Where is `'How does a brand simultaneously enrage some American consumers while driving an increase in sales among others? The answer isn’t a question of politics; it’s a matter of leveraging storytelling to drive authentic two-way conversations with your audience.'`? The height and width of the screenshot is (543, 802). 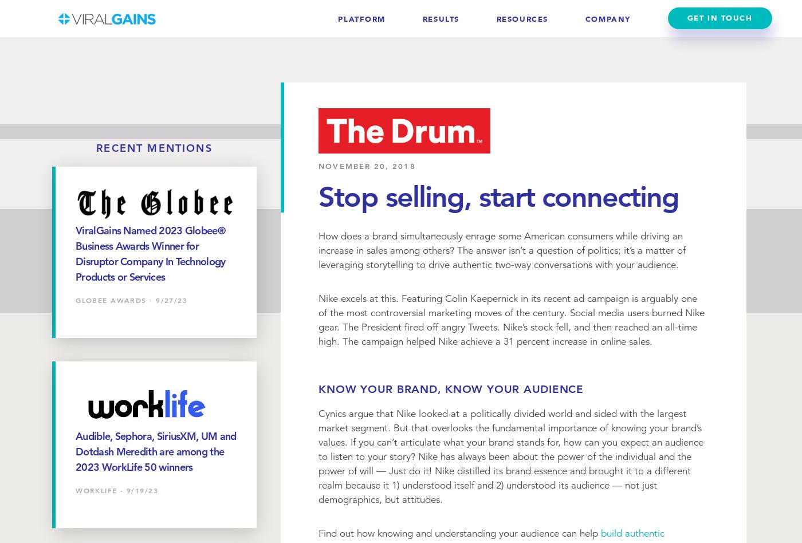 'How does a brand simultaneously enrage some American consumers while driving an increase in sales among others? The answer isn’t a question of politics; it’s a matter of leveraging storytelling to drive authentic two-way conversations with your audience.' is located at coordinates (501, 249).